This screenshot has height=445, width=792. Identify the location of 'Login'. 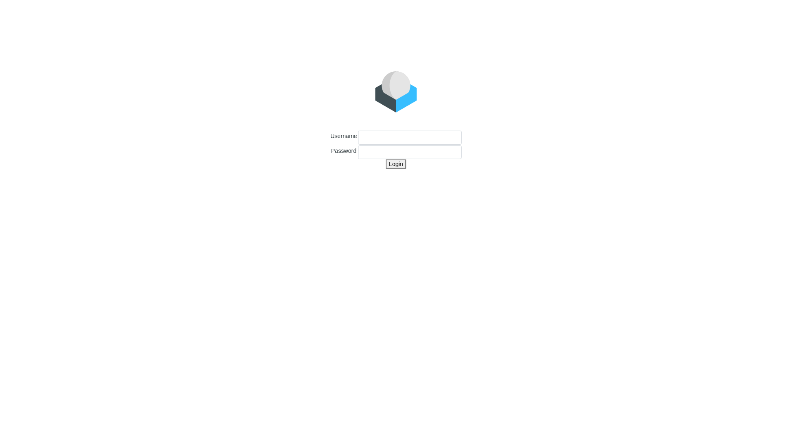
(396, 164).